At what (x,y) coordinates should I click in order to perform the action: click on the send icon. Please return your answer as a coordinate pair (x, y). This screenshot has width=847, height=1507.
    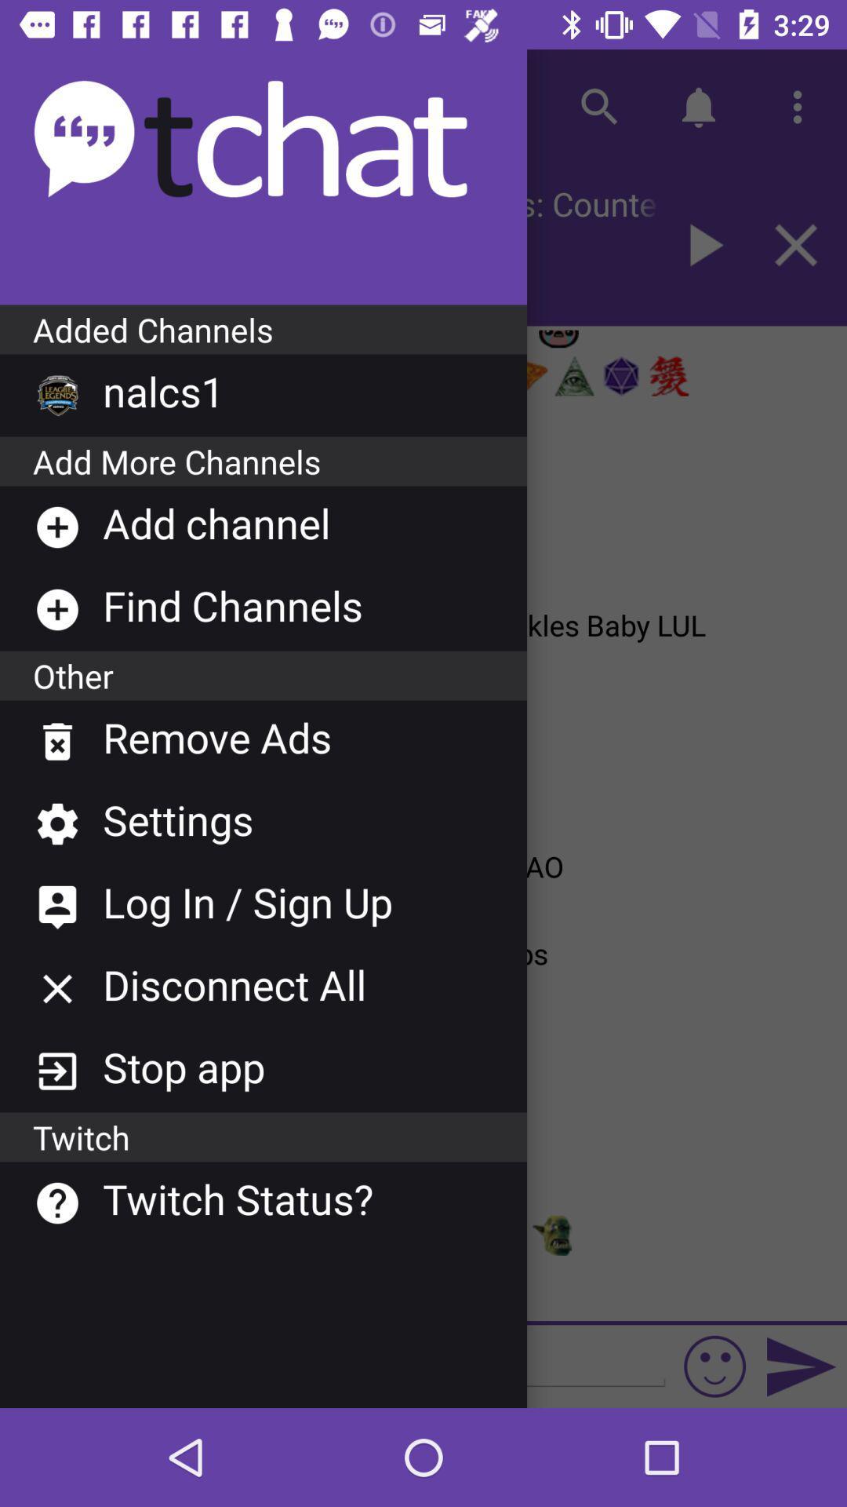
    Looking at the image, I should click on (802, 1366).